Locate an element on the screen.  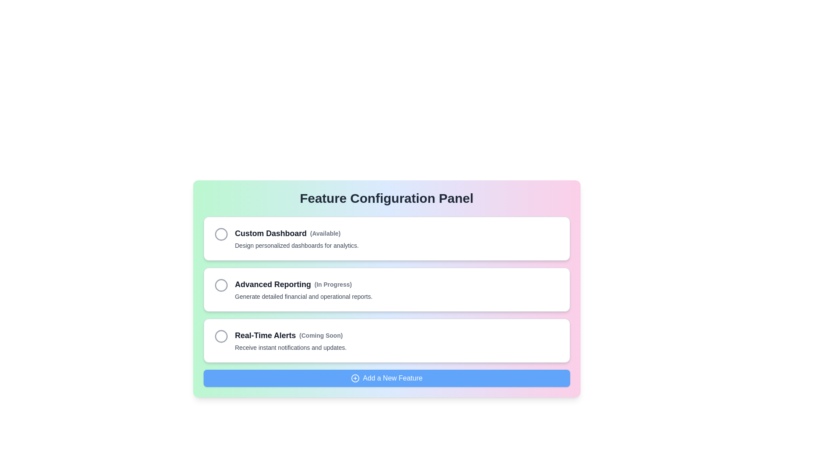
the informational text element that describes the 'Custom Dashboard' feature, which states 'Design personalized dashboards for analytics.' located in the first card of the 'Feature Configuration Panel' is located at coordinates (297, 245).